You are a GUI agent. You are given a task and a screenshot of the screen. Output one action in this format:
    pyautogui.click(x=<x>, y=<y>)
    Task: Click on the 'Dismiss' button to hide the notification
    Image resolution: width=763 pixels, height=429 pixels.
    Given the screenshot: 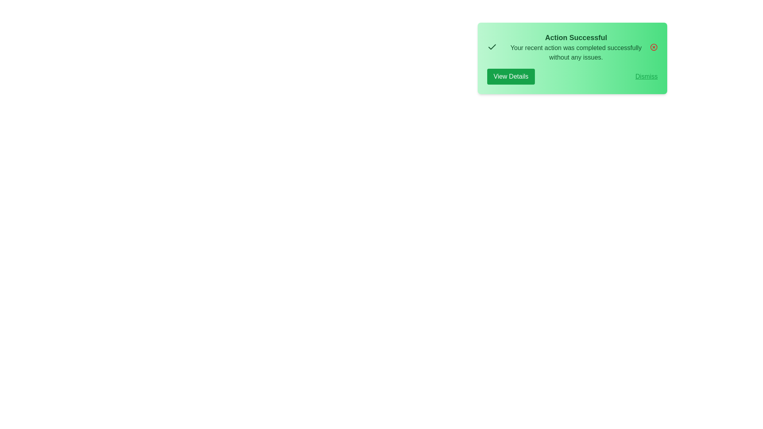 What is the action you would take?
    pyautogui.click(x=647, y=76)
    